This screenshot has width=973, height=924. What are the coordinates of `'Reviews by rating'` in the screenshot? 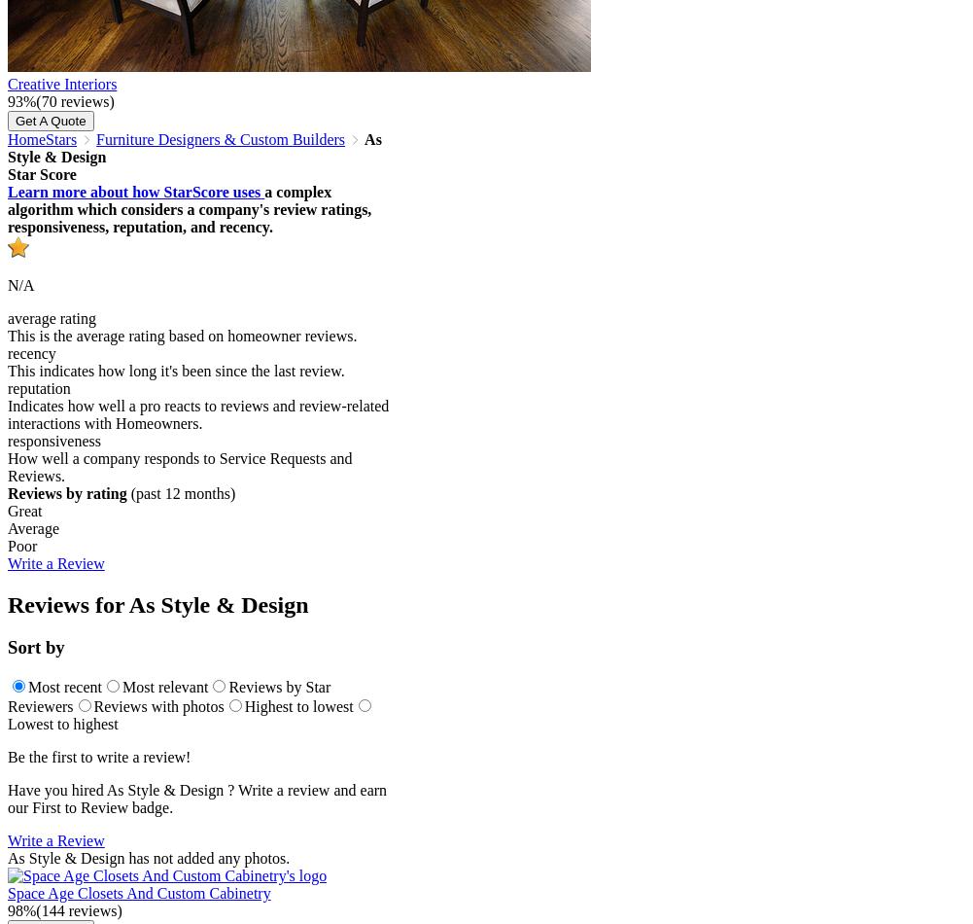 It's located at (66, 492).